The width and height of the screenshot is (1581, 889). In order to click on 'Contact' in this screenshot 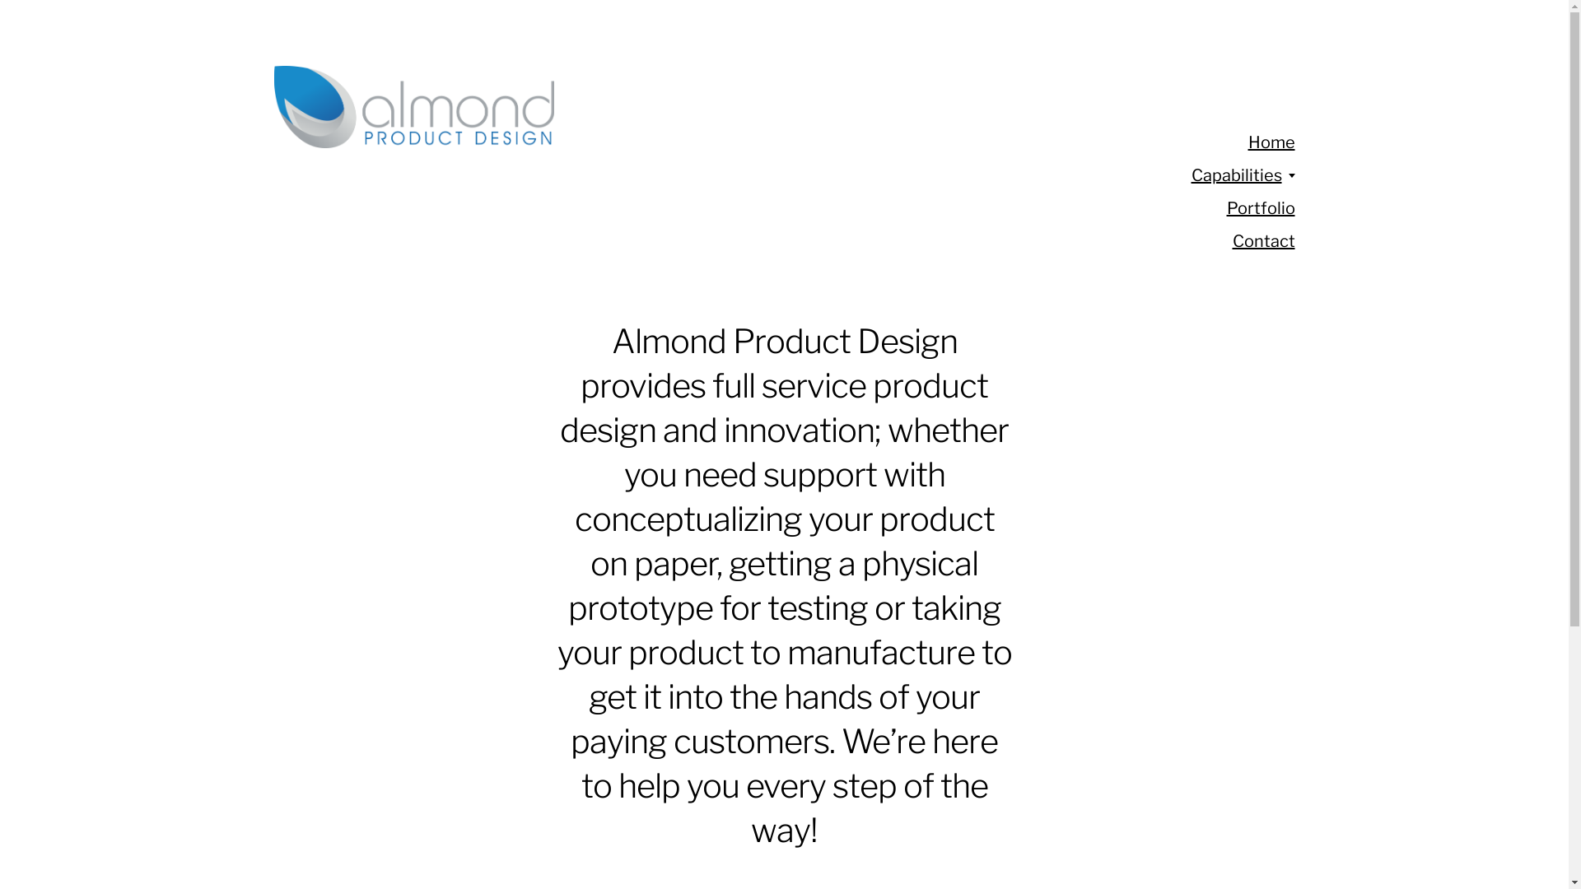, I will do `click(1262, 241)`.